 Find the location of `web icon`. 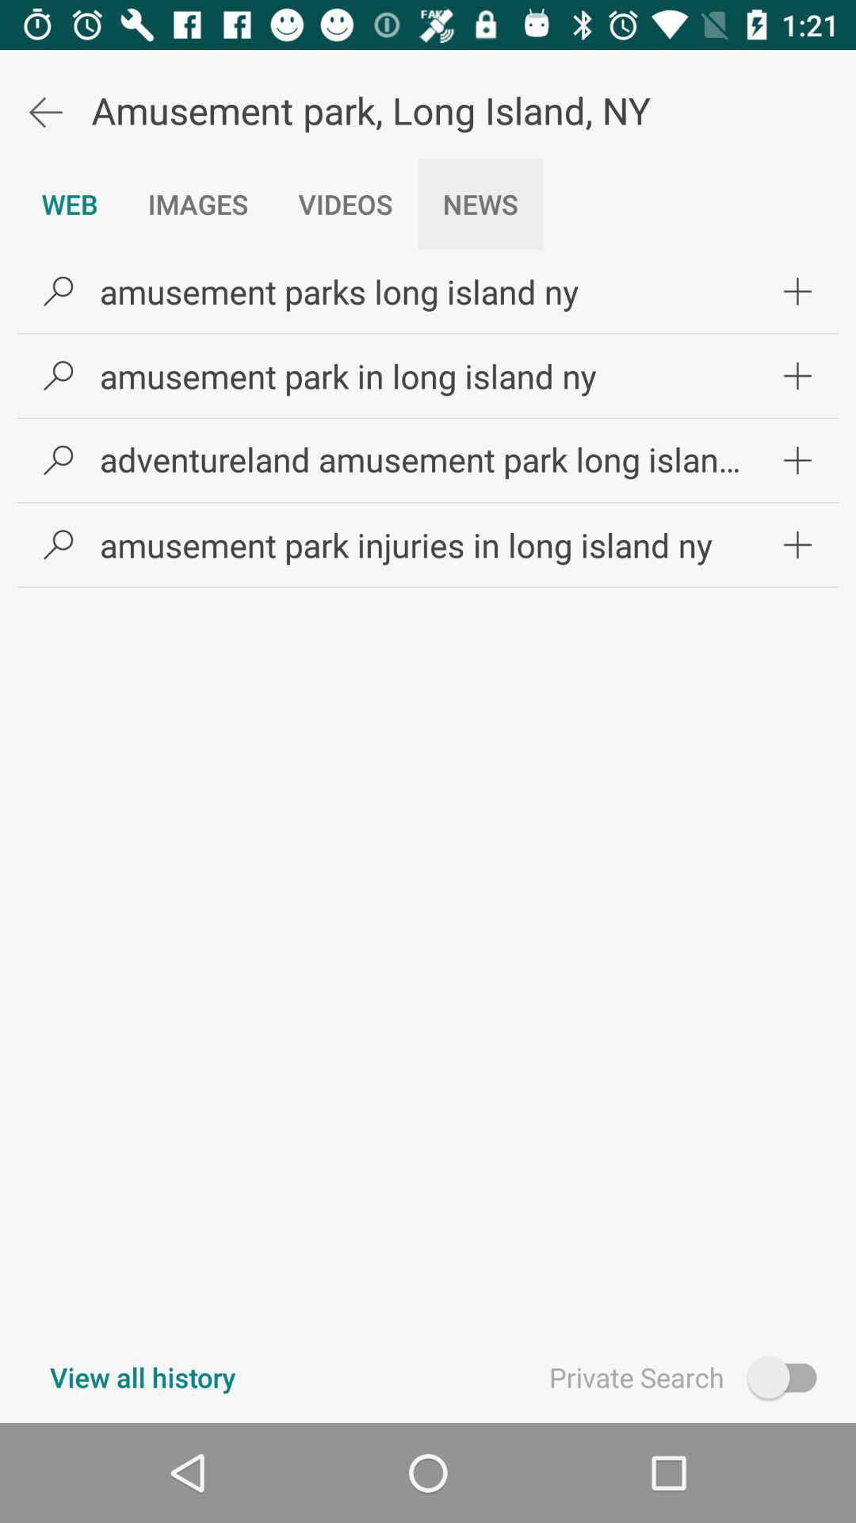

web icon is located at coordinates (69, 203).